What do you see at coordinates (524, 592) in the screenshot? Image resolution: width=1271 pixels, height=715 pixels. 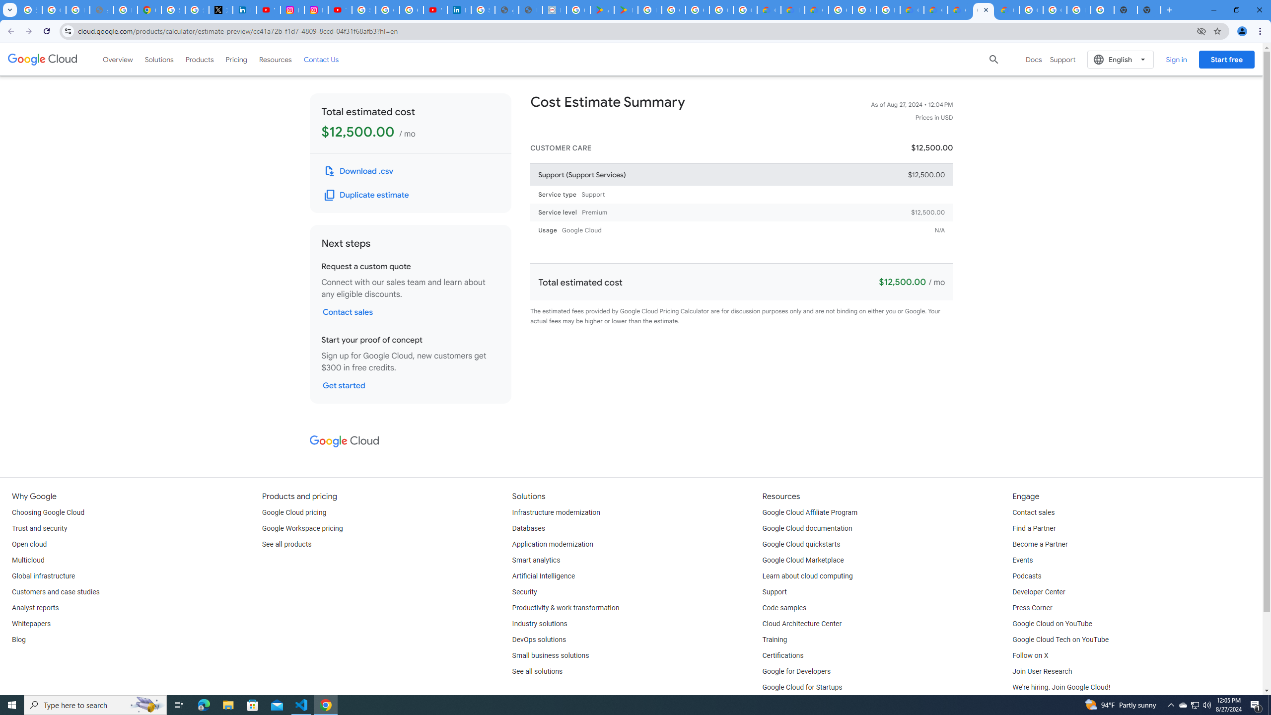 I see `'Security'` at bounding box center [524, 592].